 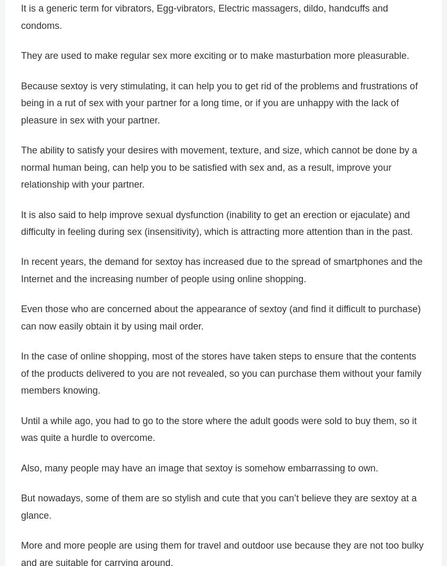 What do you see at coordinates (218, 507) in the screenshot?
I see `'But nowadays, some of them are so stylish and cute that you can’t believe they are sextoy at a glance.'` at bounding box center [218, 507].